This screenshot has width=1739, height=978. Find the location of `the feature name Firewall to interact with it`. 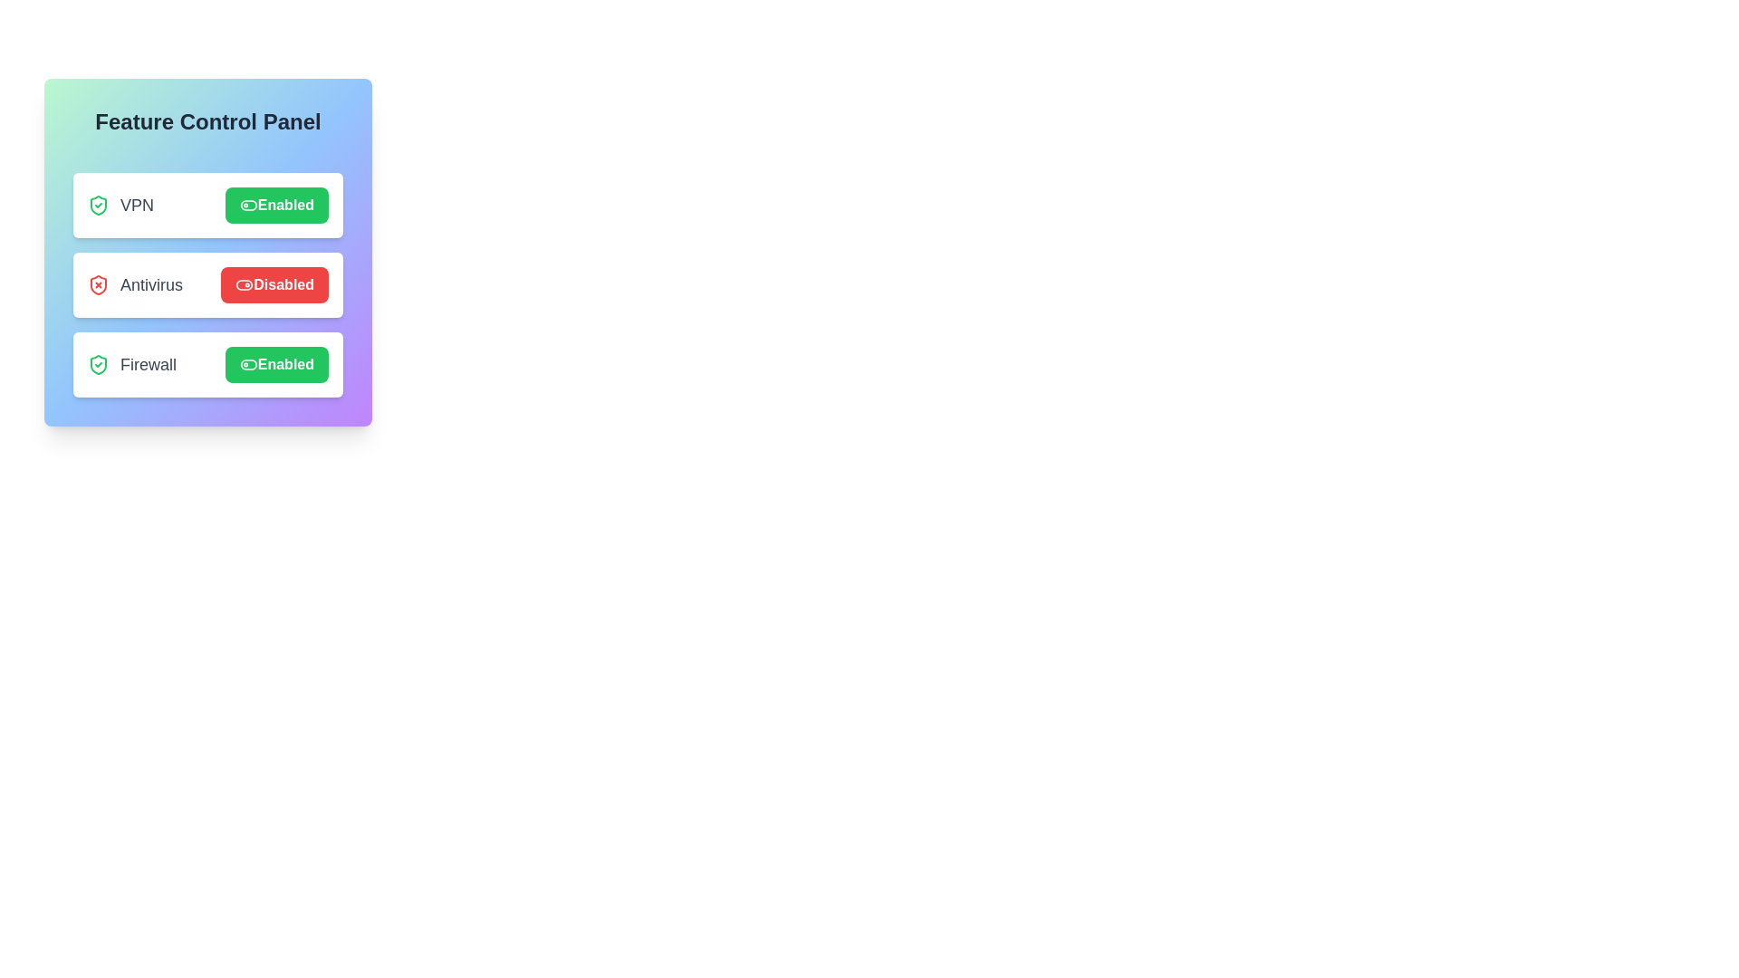

the feature name Firewall to interact with it is located at coordinates (130, 364).